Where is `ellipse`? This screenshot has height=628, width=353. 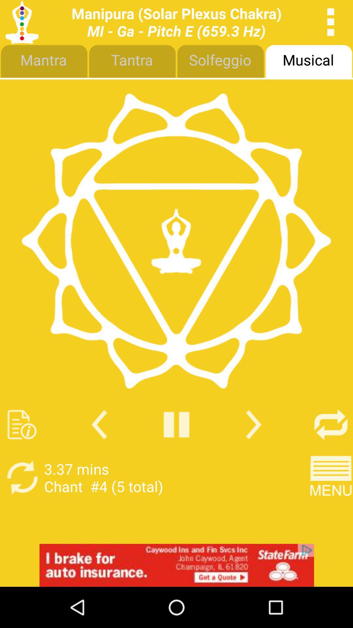
ellipse is located at coordinates (331, 22).